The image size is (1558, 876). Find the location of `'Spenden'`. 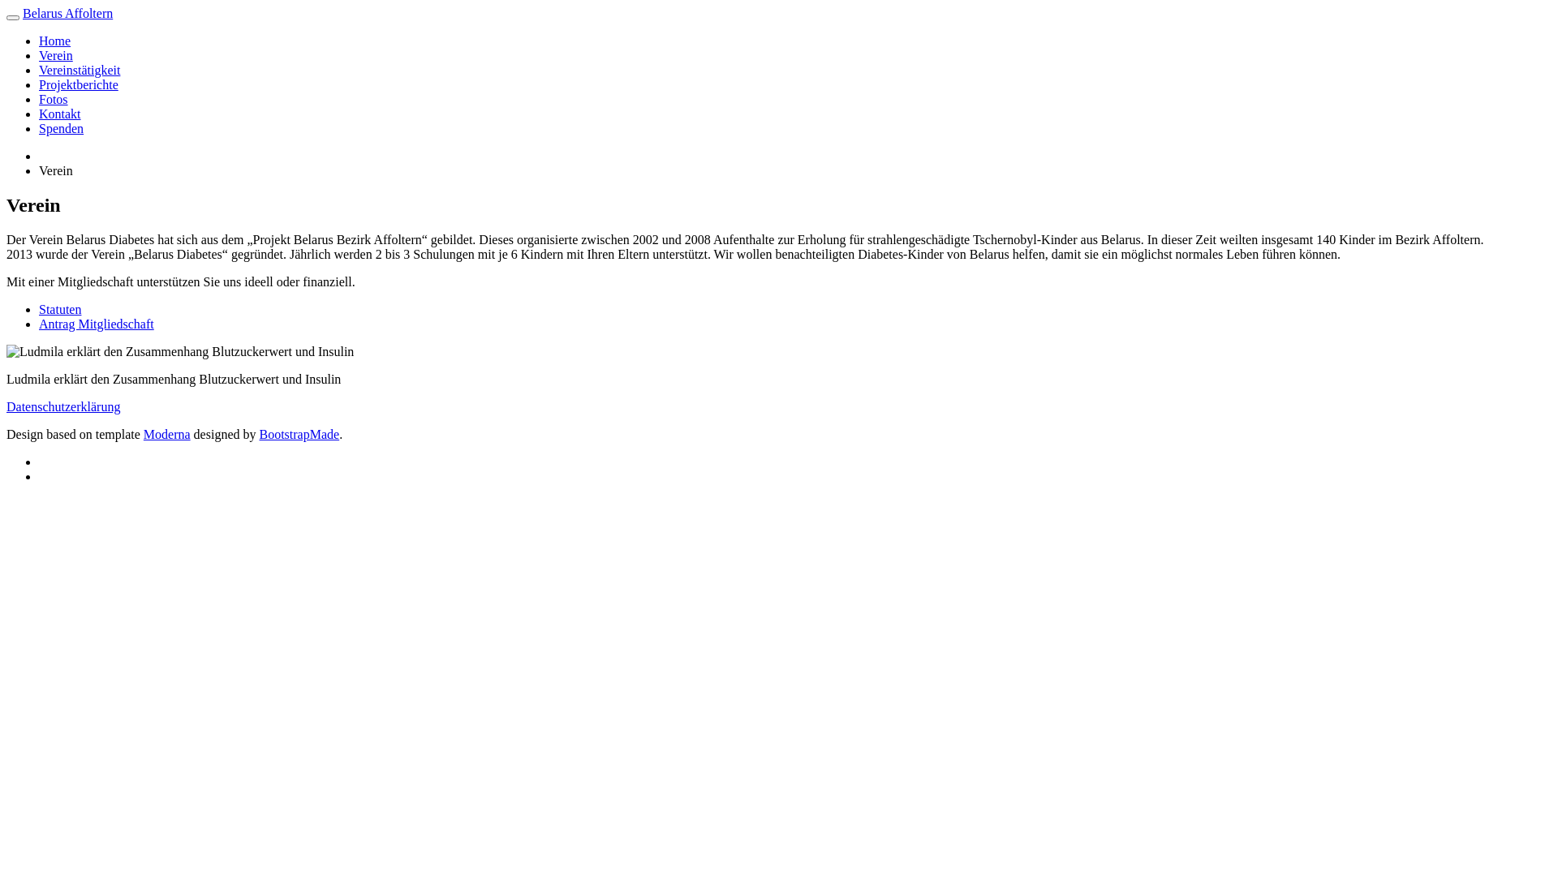

'Spenden' is located at coordinates (39, 127).